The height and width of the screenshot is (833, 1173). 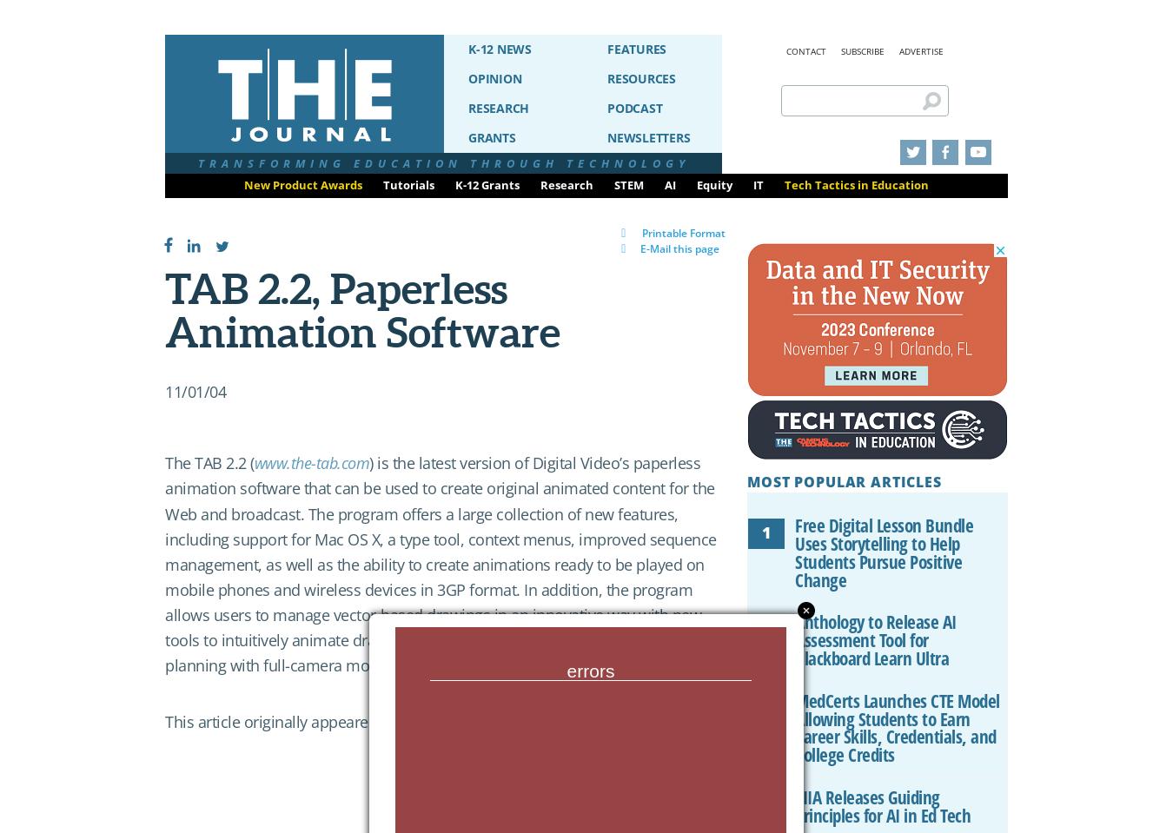 I want to click on 'Tutorials', so click(x=408, y=184).